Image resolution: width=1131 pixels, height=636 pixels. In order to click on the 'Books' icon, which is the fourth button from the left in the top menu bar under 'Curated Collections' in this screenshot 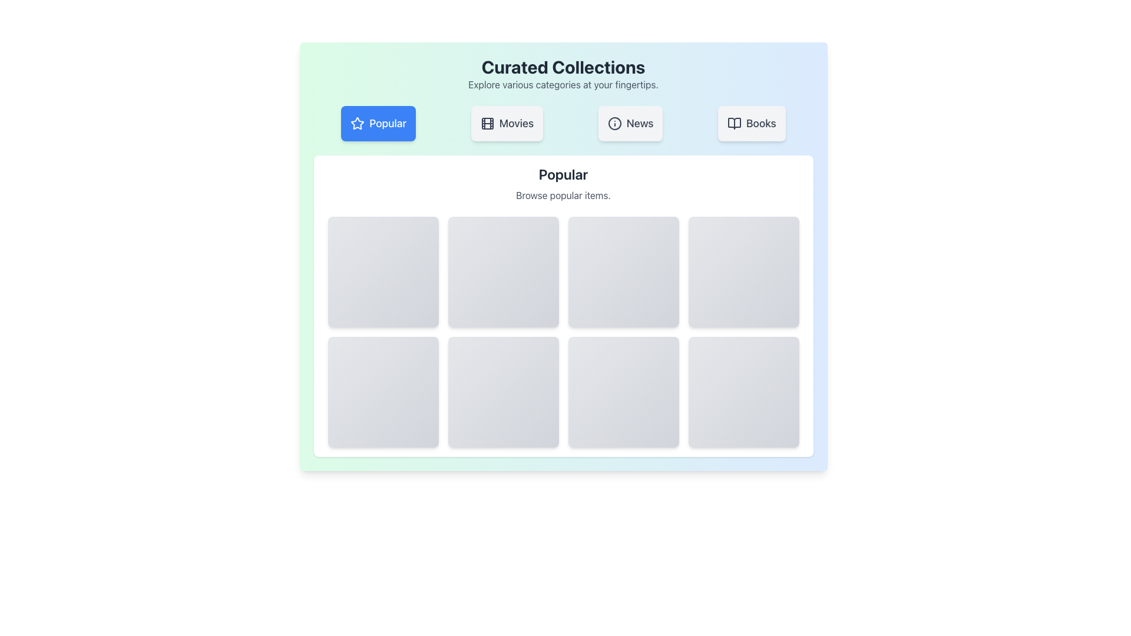, I will do `click(734, 123)`.